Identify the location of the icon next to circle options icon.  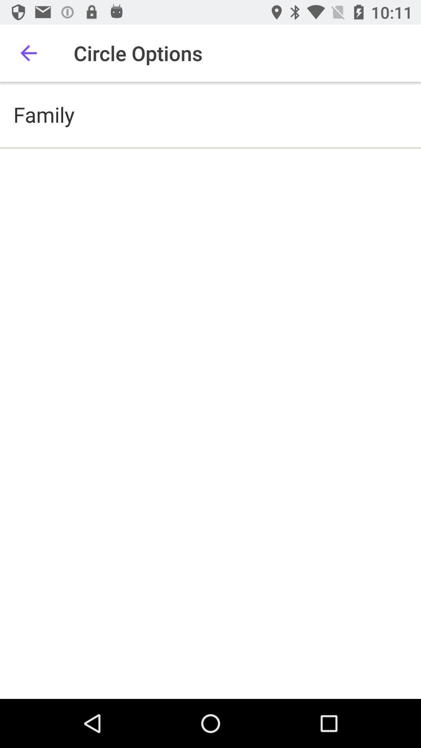
(28, 53).